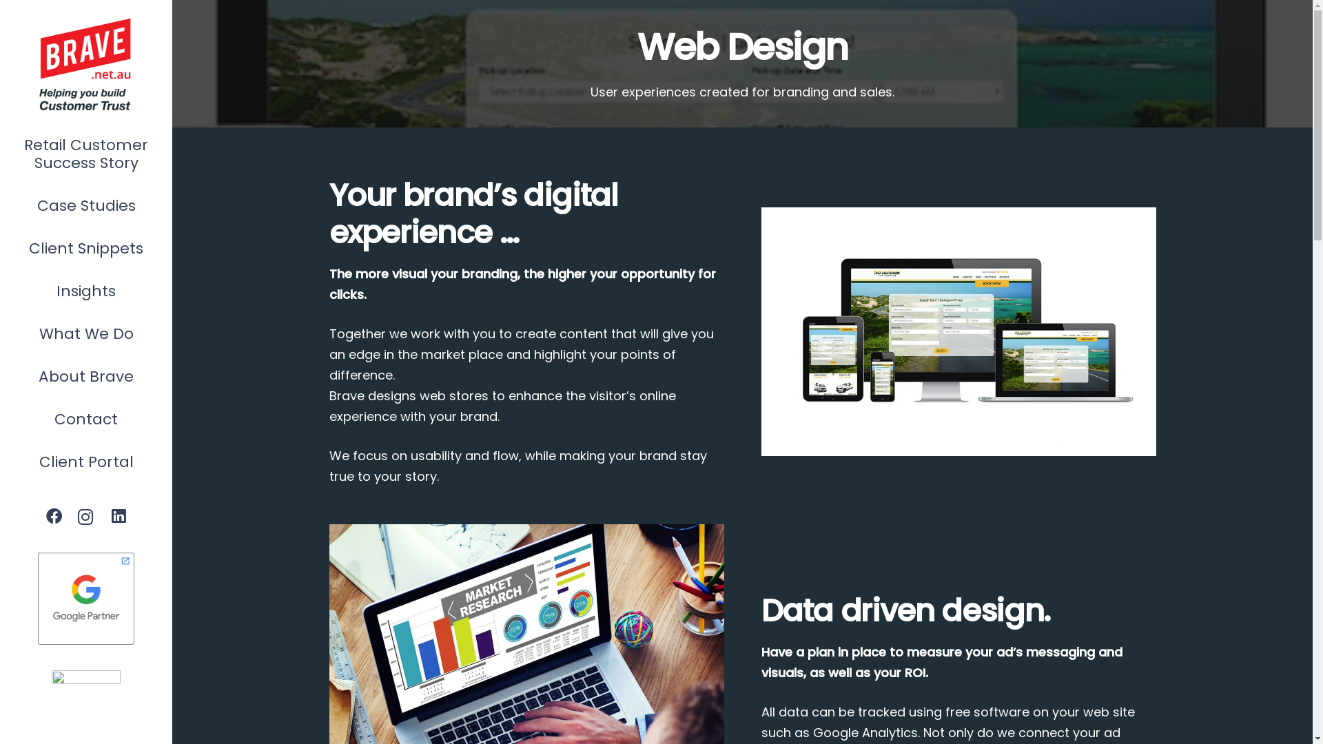  I want to click on 'Client Portal', so click(85, 462).